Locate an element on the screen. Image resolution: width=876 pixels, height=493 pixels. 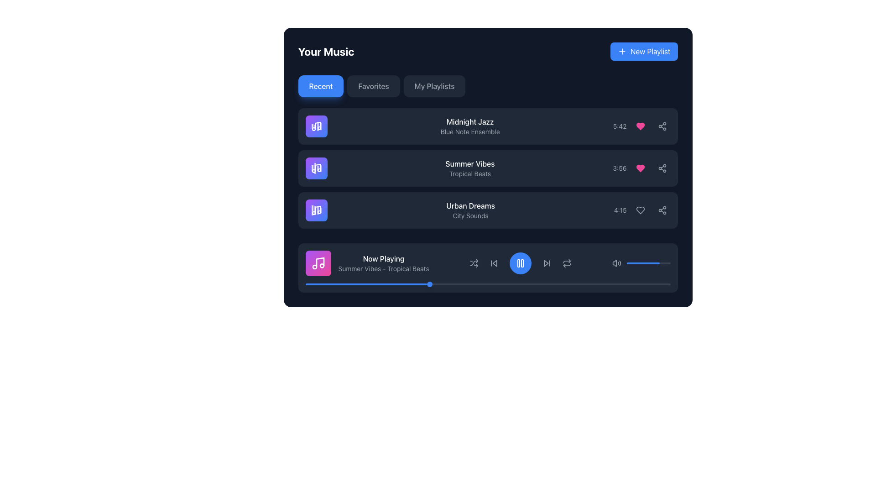
the speaker icon that is styled in gray and is positioned on the left side of the volume control bar, which indicates the current volume level is located at coordinates (616, 263).